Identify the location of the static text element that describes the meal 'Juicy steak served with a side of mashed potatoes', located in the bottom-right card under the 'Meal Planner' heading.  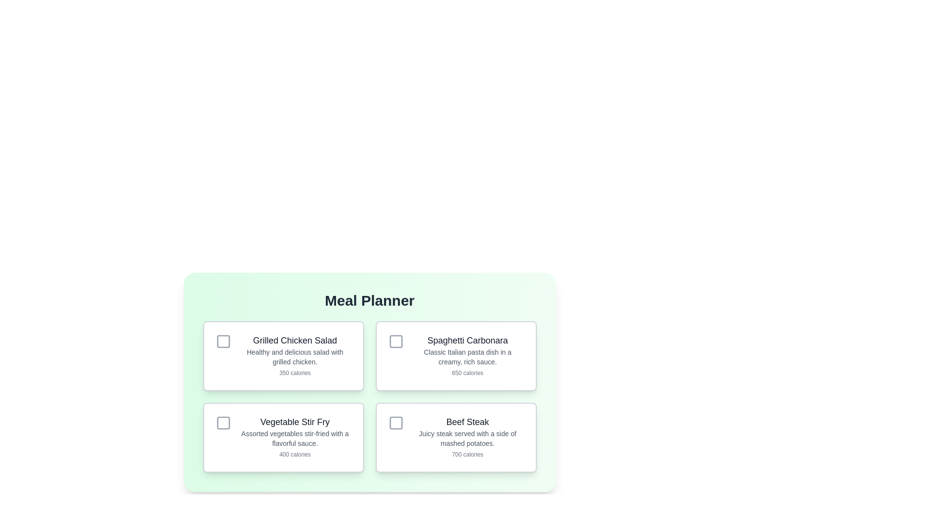
(467, 438).